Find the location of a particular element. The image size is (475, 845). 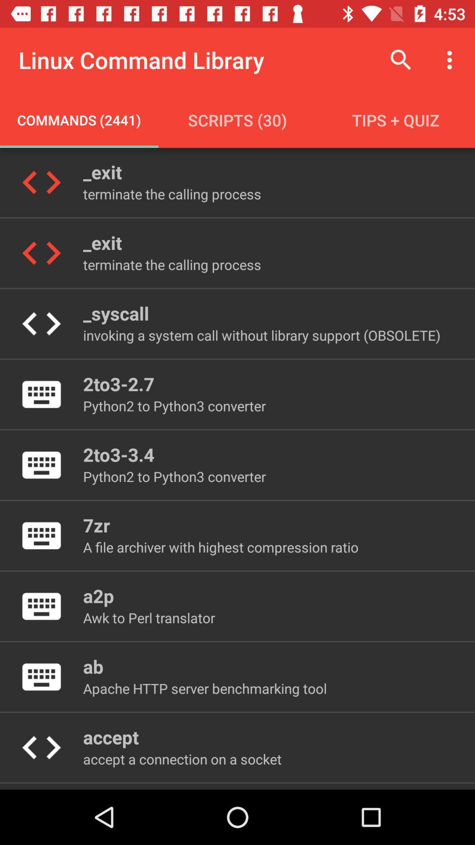

the invoking a system item is located at coordinates (261, 334).